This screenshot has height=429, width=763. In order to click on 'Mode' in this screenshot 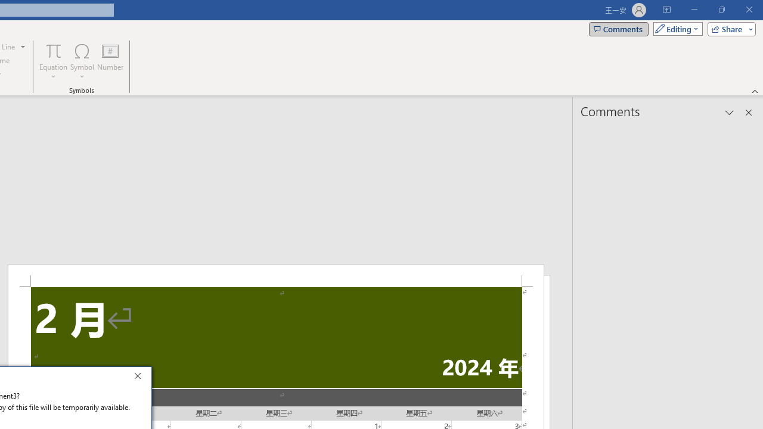, I will do `click(675, 28)`.